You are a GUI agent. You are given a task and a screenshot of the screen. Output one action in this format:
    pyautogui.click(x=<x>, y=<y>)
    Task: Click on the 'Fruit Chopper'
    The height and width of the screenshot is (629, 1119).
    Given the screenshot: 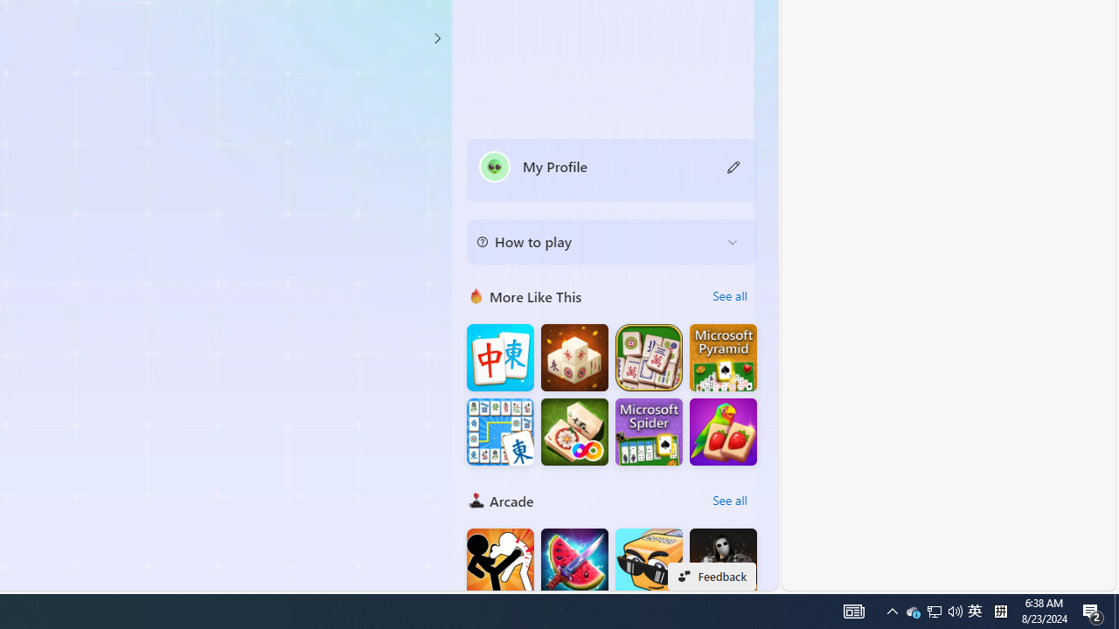 What is the action you would take?
    pyautogui.click(x=574, y=562)
    